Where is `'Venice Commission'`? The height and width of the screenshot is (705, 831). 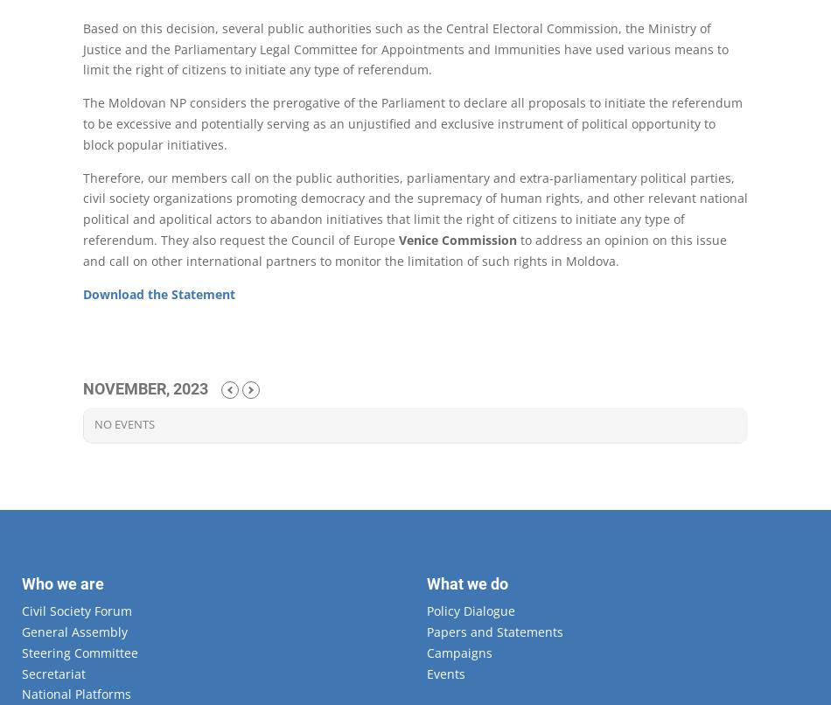 'Venice Commission' is located at coordinates (457, 239).